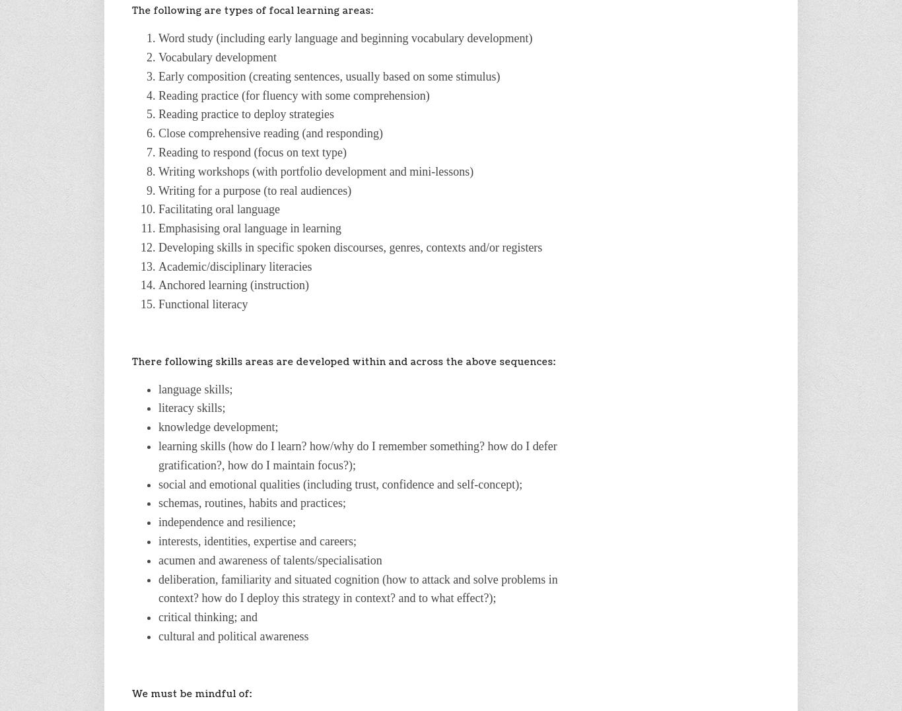 Image resolution: width=902 pixels, height=711 pixels. I want to click on 'deliberation, familiarity and situated cognition (how to attack and solve problems in context? how do I deploy this strategy in context? and to what effect?);', so click(358, 588).